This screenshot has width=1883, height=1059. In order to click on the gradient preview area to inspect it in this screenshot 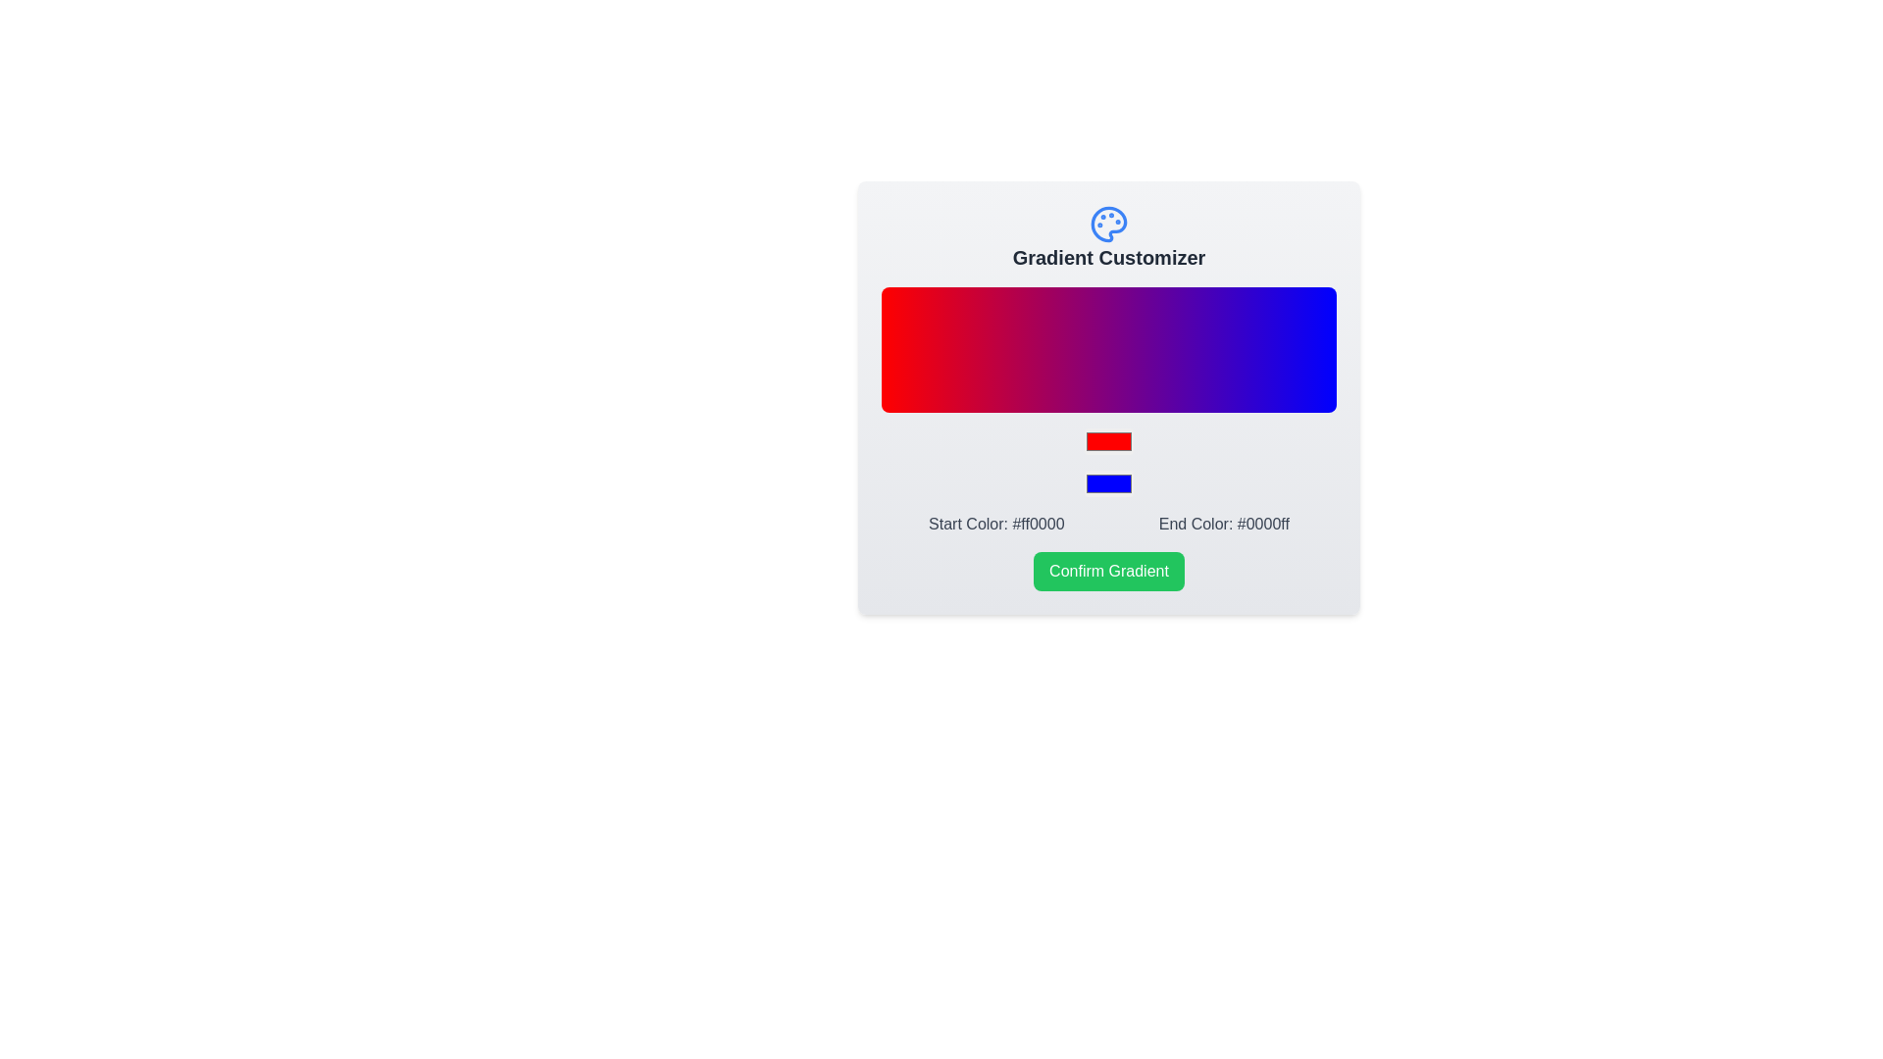, I will do `click(1109, 349)`.